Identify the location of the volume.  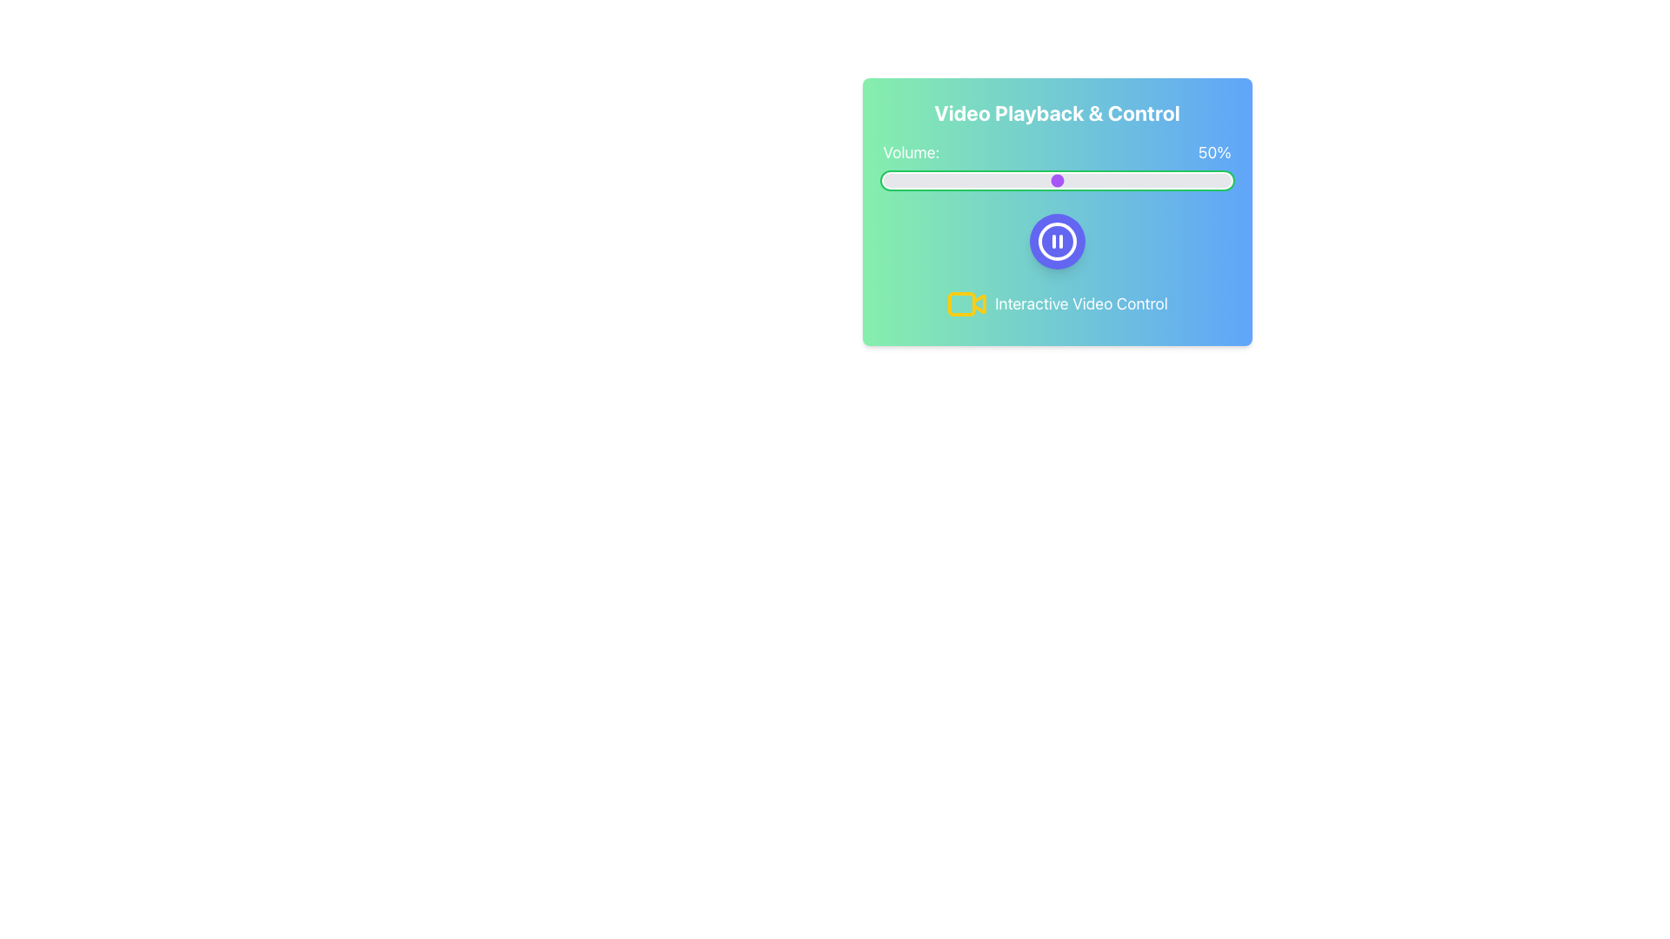
(1140, 181).